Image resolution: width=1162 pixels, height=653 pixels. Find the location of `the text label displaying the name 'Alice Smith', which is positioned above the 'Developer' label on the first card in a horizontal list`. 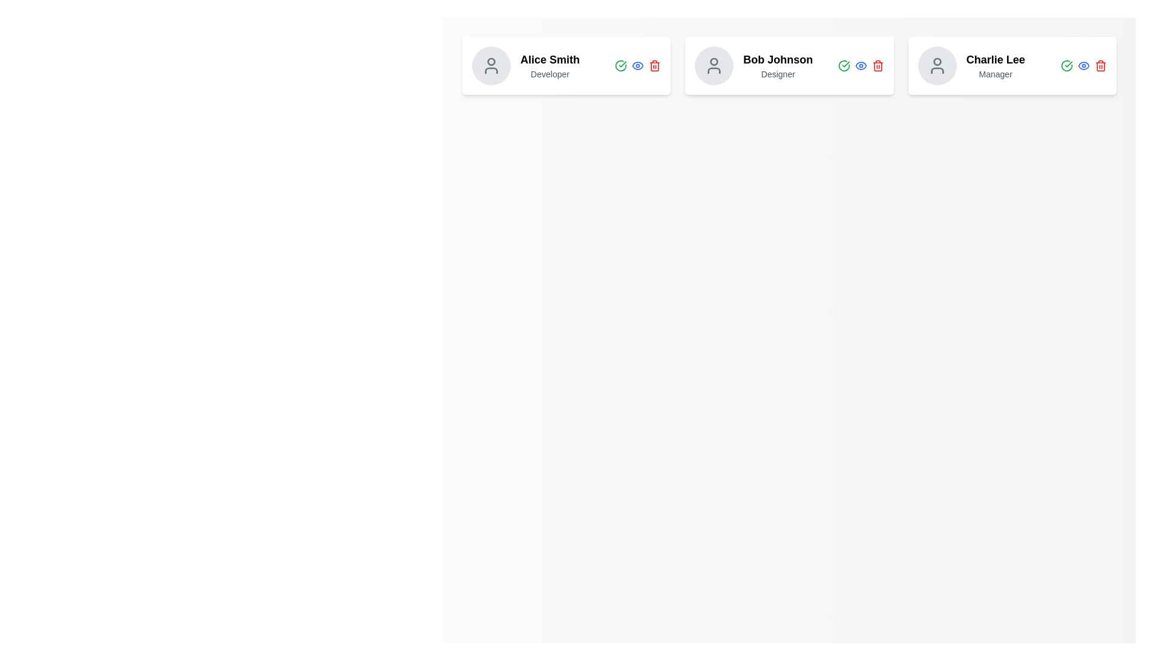

the text label displaying the name 'Alice Smith', which is positioned above the 'Developer' label on the first card in a horizontal list is located at coordinates (549, 60).